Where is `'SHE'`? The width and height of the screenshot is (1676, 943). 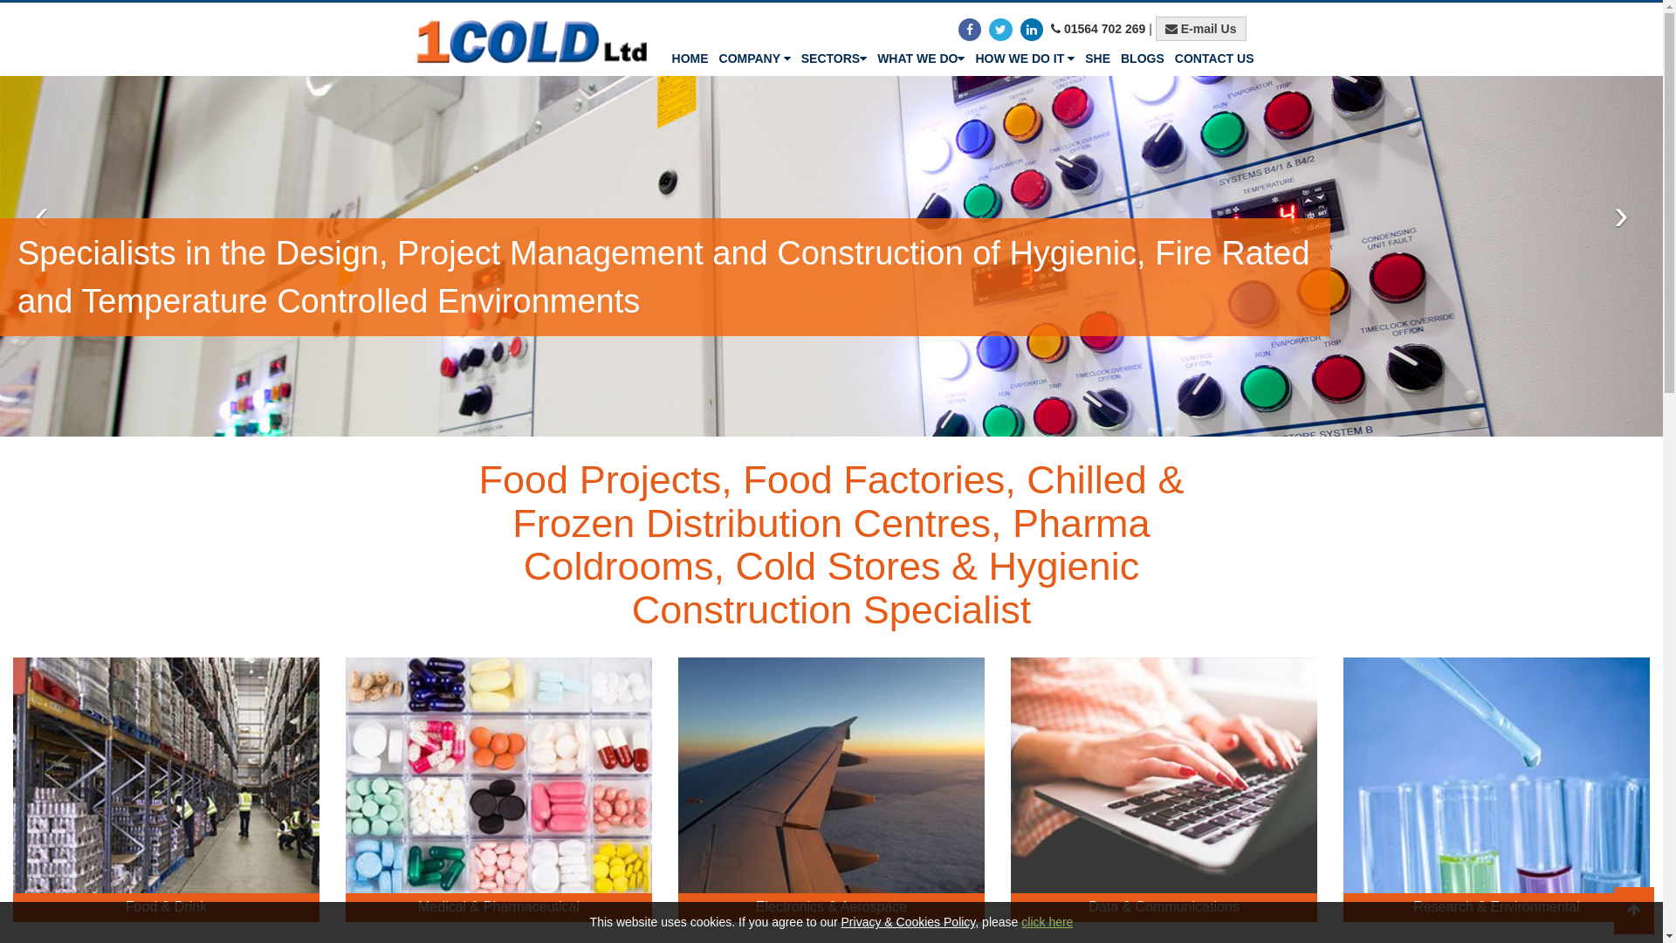 'SHE' is located at coordinates (1096, 57).